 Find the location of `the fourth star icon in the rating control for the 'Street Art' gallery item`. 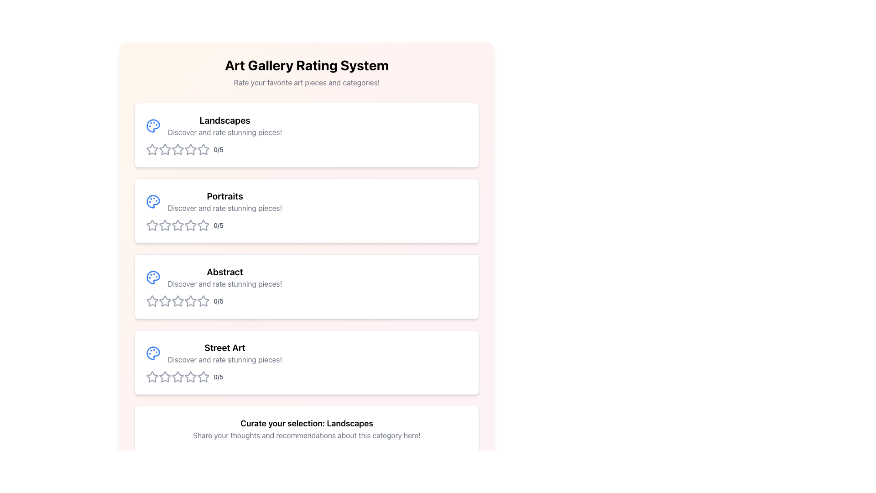

the fourth star icon in the rating control for the 'Street Art' gallery item is located at coordinates (190, 377).